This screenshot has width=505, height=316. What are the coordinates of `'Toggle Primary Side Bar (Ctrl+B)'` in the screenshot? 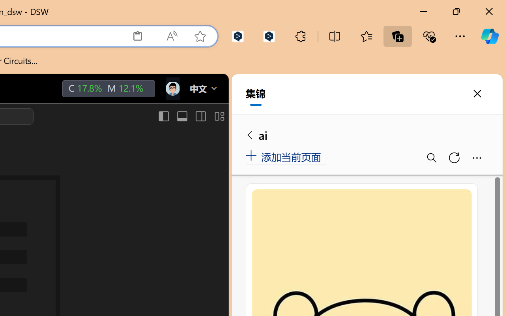 It's located at (163, 116).